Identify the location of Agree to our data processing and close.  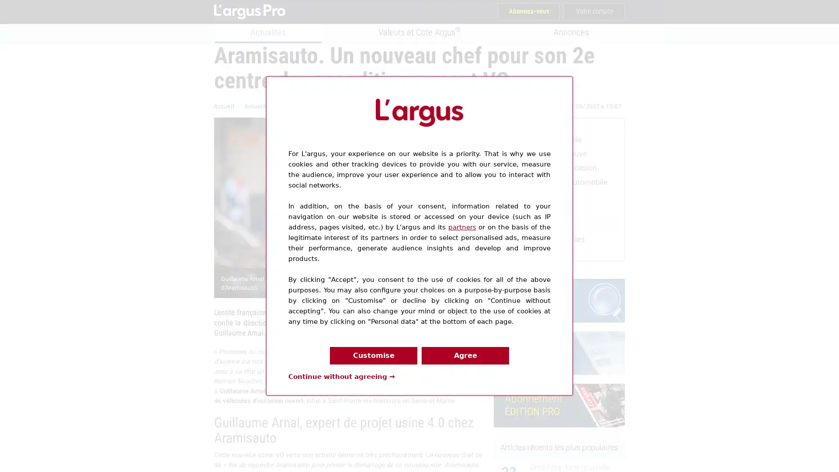
(465, 355).